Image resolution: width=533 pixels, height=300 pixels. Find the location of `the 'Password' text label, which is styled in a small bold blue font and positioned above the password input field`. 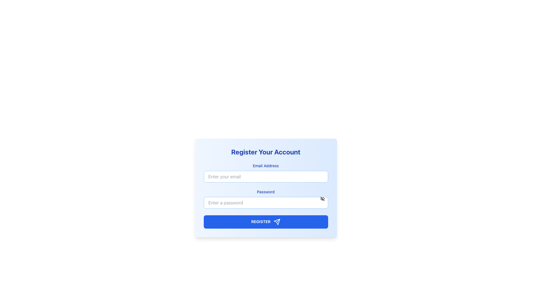

the 'Password' text label, which is styled in a small bold blue font and positioned above the password input field is located at coordinates (265, 191).